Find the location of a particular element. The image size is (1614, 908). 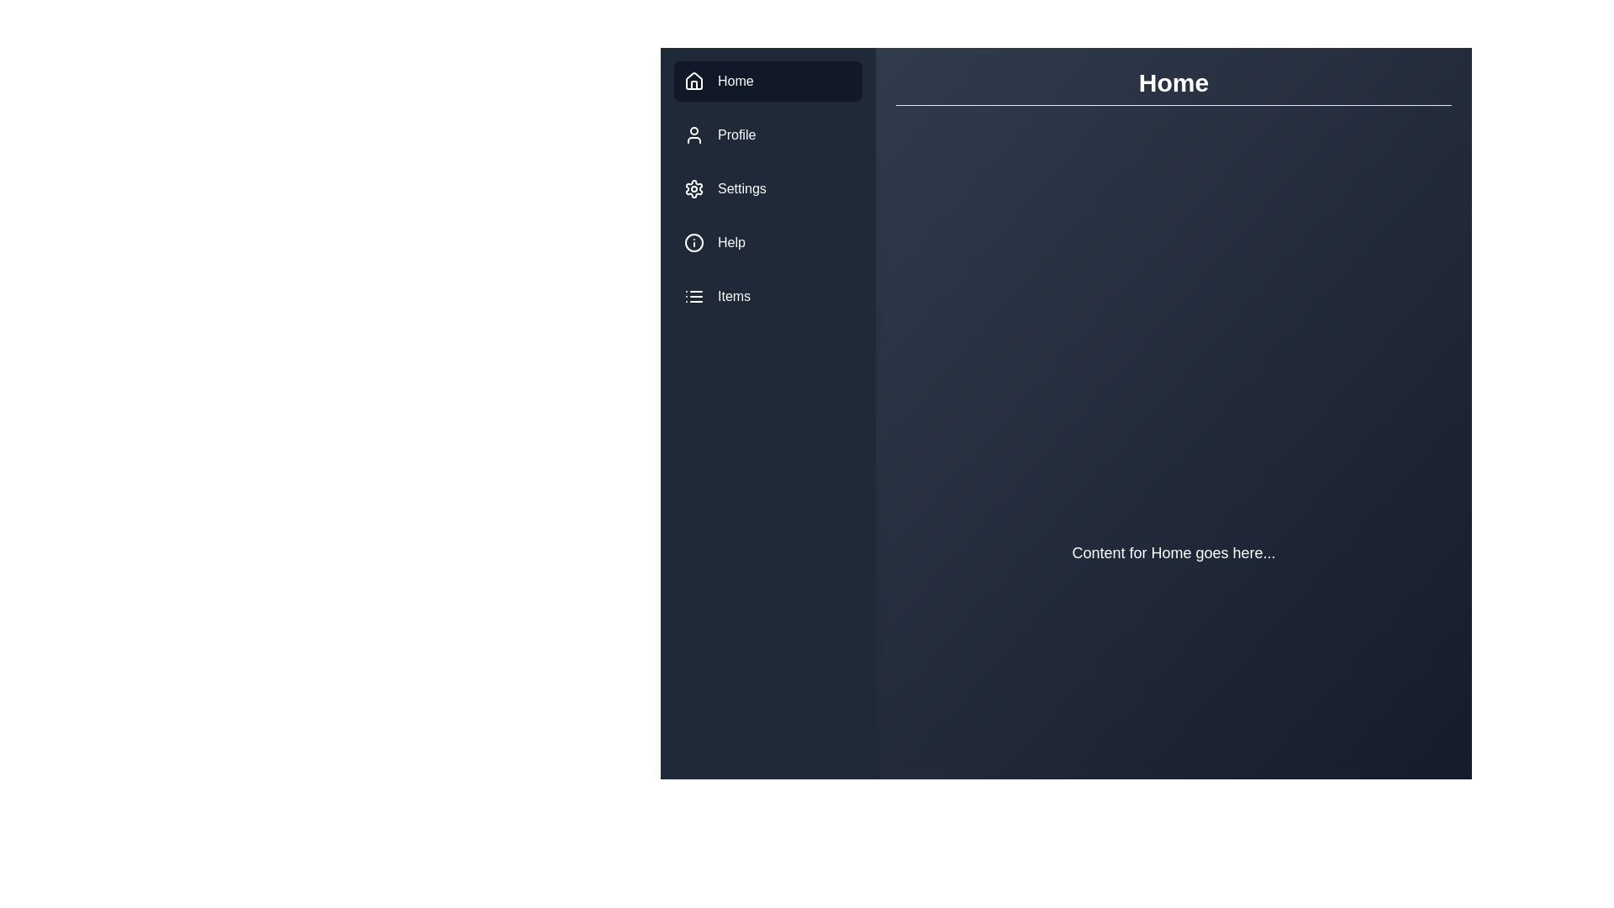

the menu item Items to navigate to its section is located at coordinates (767, 296).